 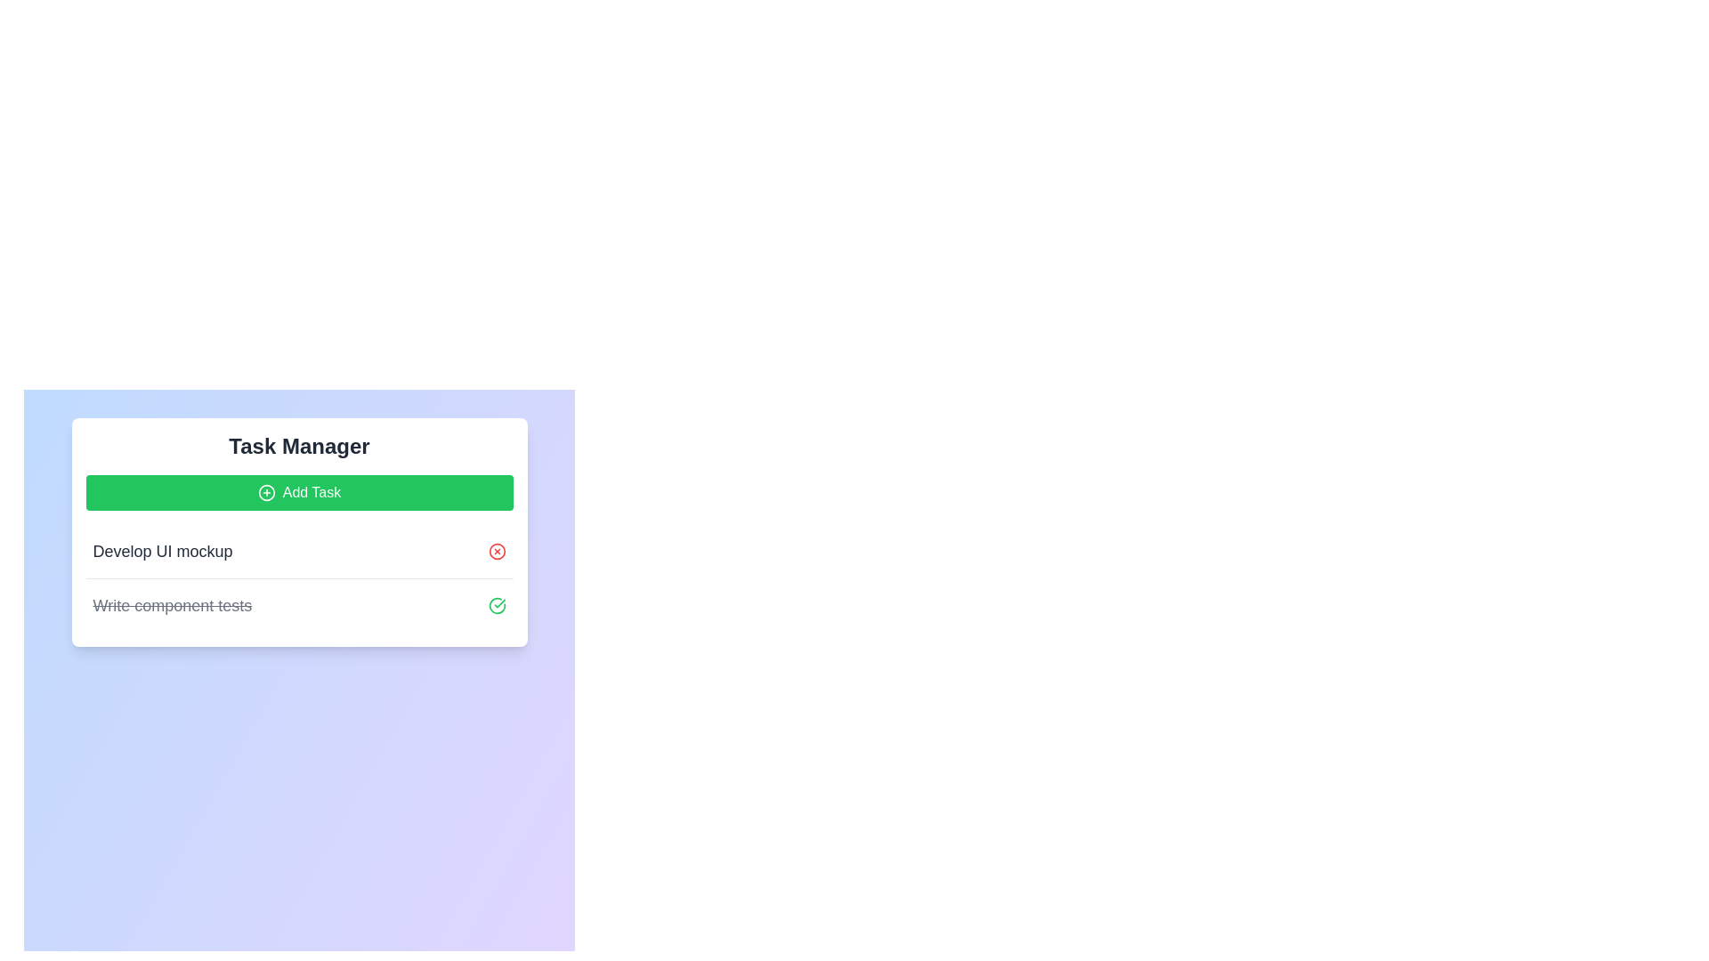 I want to click on the text label displaying 'Write component tests' in strikethrough style, indicating task completion, located in the second list item of the task list in the 'Task Manager' interface, so click(x=172, y=605).